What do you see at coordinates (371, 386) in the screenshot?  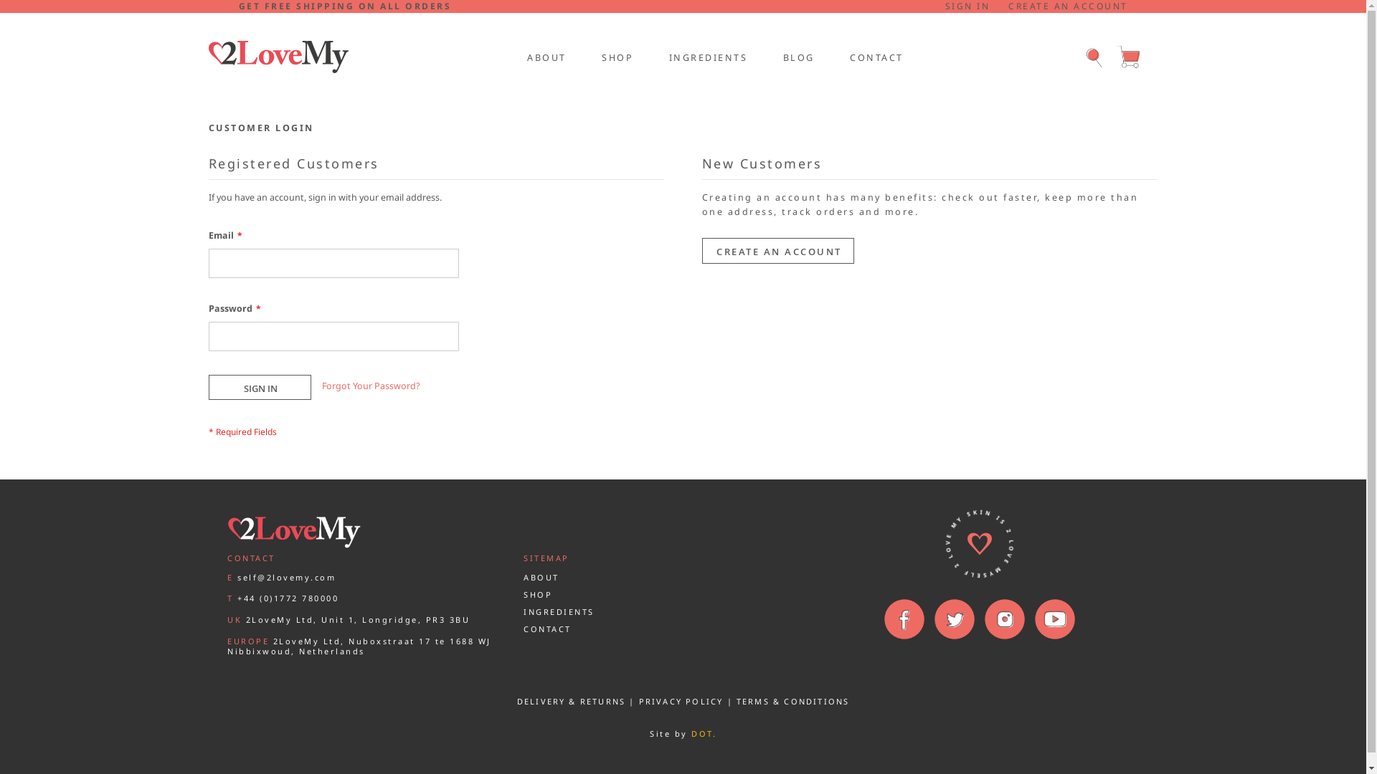 I see `'Forgot Your Password?'` at bounding box center [371, 386].